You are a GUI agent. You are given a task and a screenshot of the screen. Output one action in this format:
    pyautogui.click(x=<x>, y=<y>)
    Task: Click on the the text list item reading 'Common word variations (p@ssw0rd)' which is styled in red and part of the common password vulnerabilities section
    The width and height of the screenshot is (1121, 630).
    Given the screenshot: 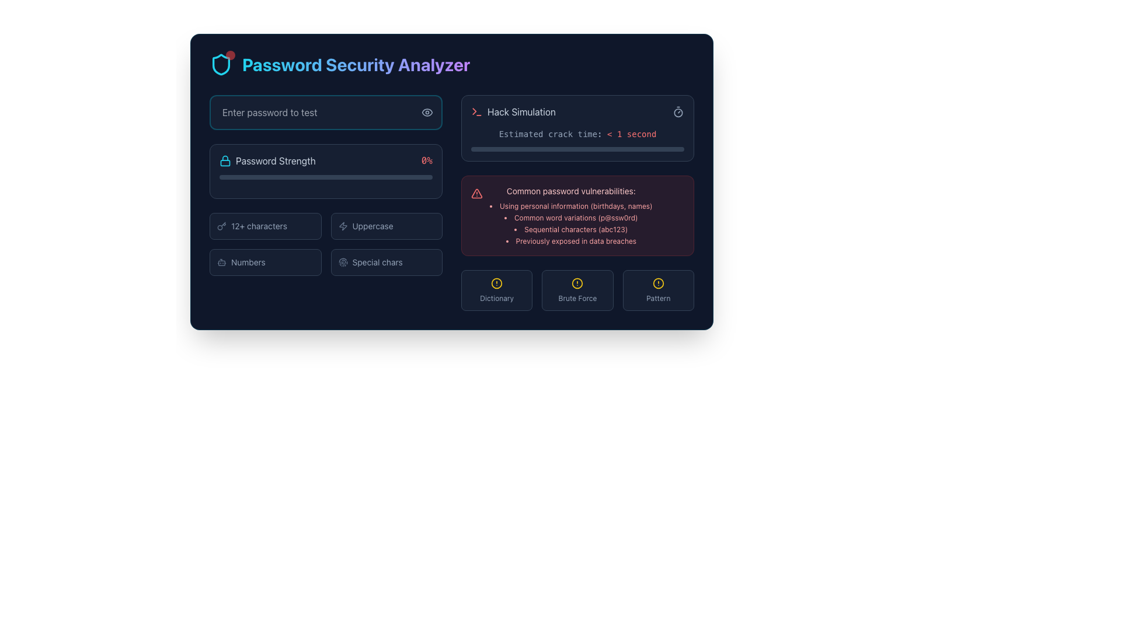 What is the action you would take?
    pyautogui.click(x=571, y=218)
    